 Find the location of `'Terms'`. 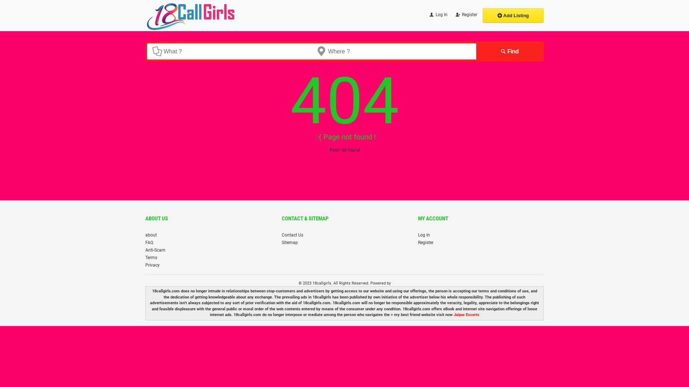

'Terms' is located at coordinates (151, 257).